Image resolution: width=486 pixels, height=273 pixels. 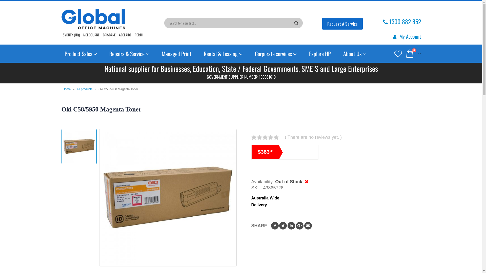 I want to click on 'Home', so click(x=67, y=89).